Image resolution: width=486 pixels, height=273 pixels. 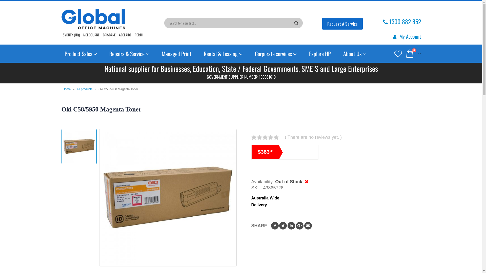 I want to click on 'Home', so click(x=67, y=89).